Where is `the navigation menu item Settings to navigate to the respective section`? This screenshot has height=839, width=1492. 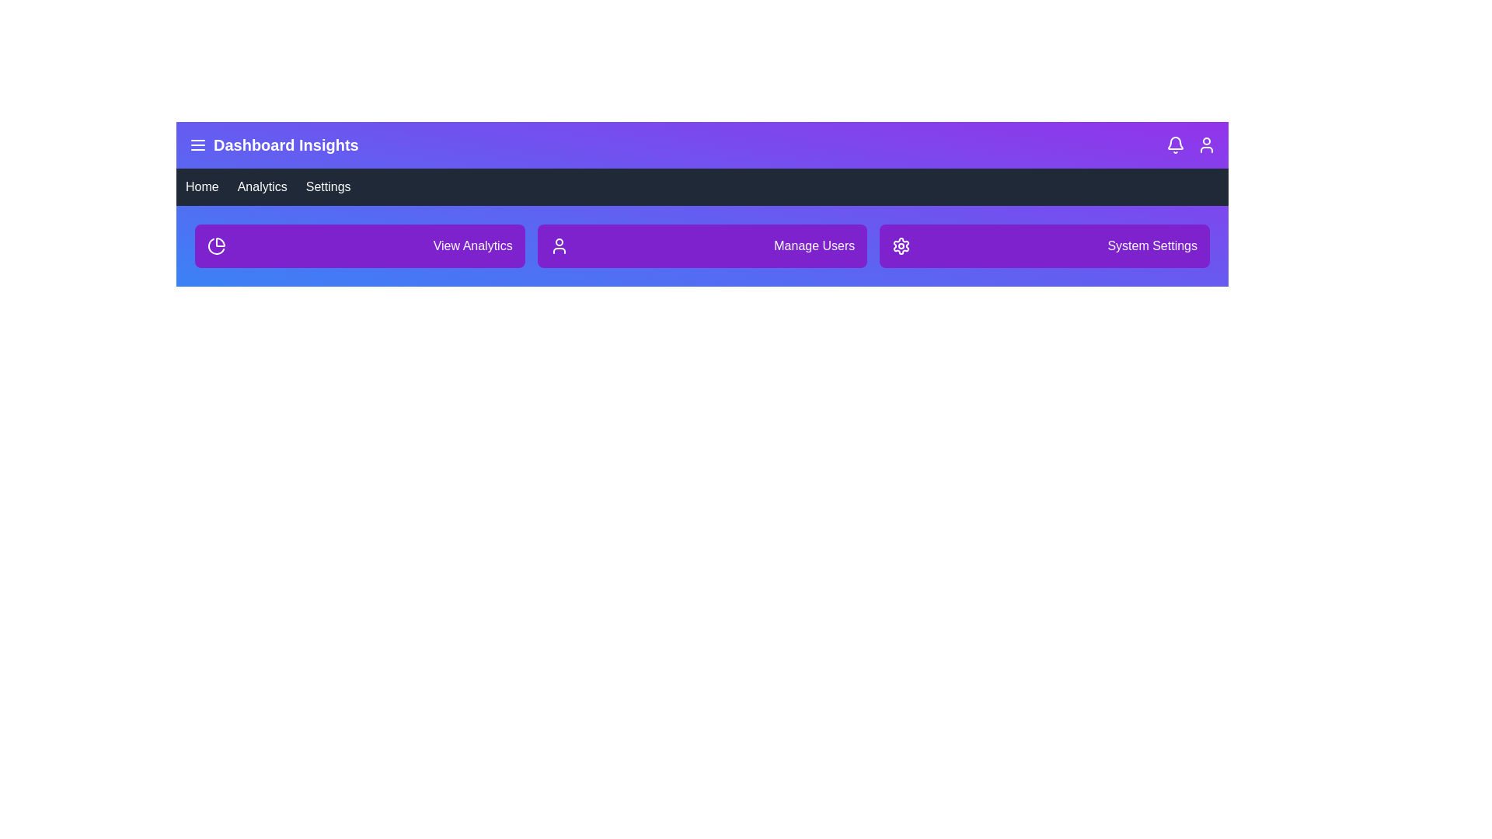
the navigation menu item Settings to navigate to the respective section is located at coordinates (327, 186).